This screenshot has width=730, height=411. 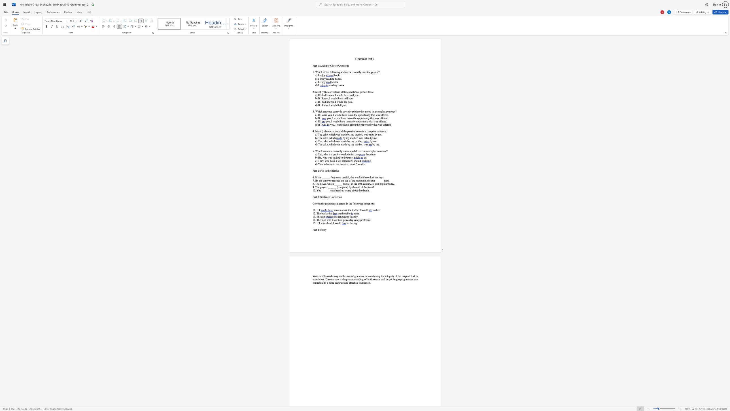 What do you see at coordinates (376, 276) in the screenshot?
I see `the space between the continuous character "n" and "i" in the text` at bounding box center [376, 276].